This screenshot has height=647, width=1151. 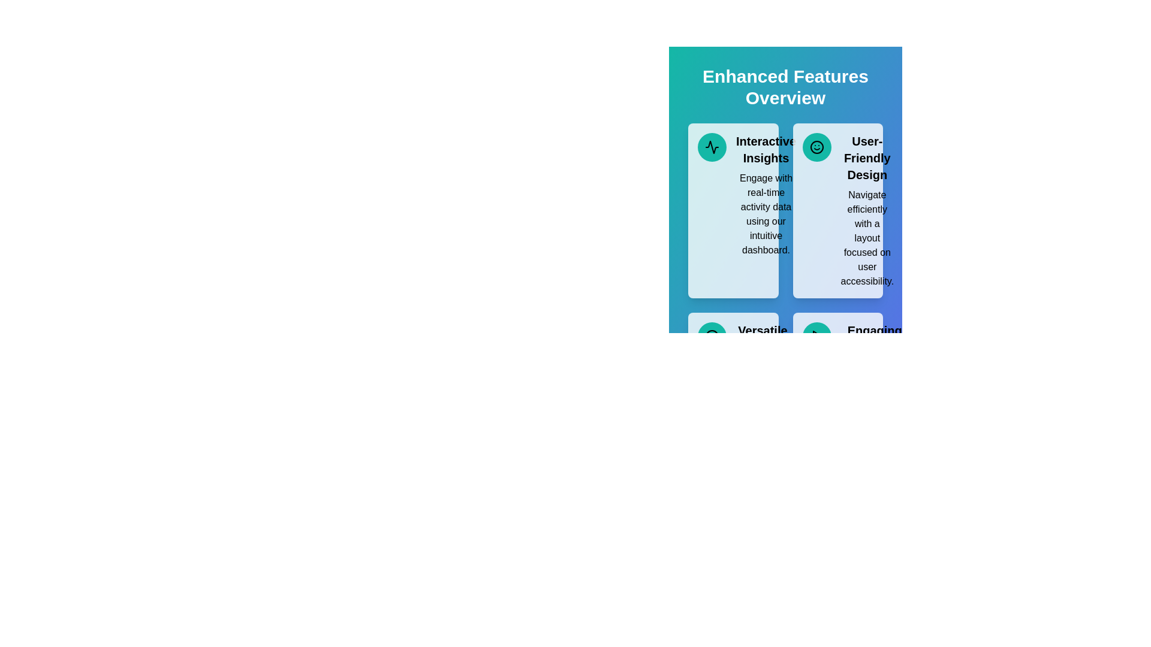 What do you see at coordinates (867, 210) in the screenshot?
I see `the text-based informational content titled 'User-Friendly Design' which is part of the second card in the grid under 'Enhanced Features Overview'` at bounding box center [867, 210].